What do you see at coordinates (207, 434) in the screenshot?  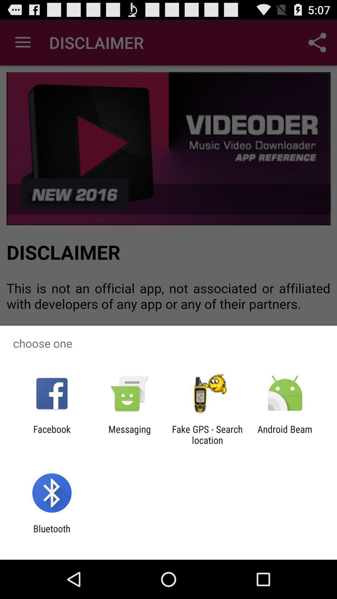 I see `fake gps search app` at bounding box center [207, 434].